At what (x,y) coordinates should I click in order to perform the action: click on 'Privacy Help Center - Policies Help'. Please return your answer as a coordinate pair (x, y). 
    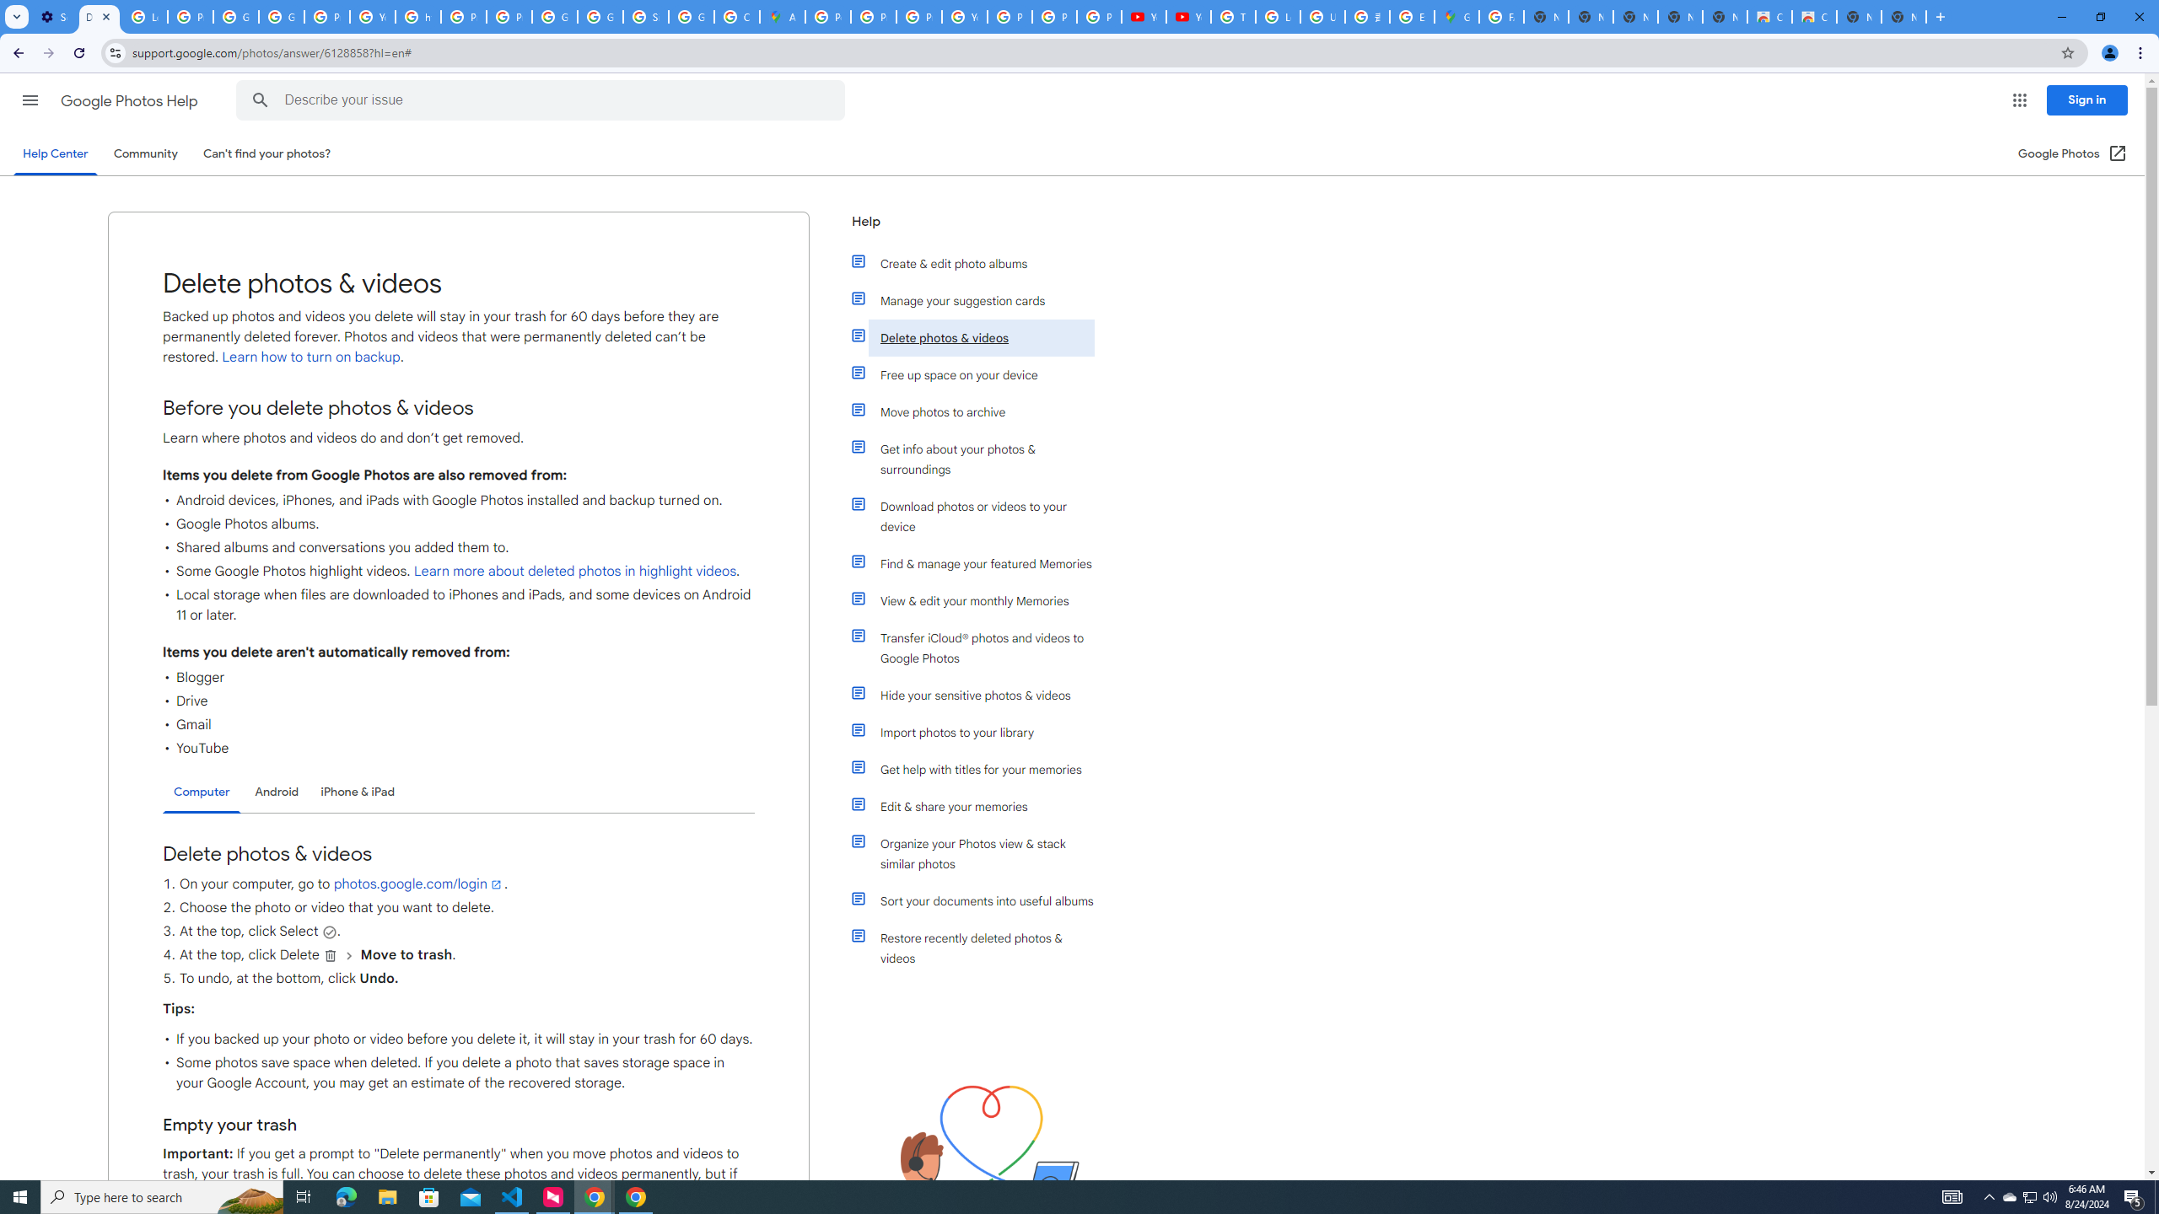
    Looking at the image, I should click on (918, 16).